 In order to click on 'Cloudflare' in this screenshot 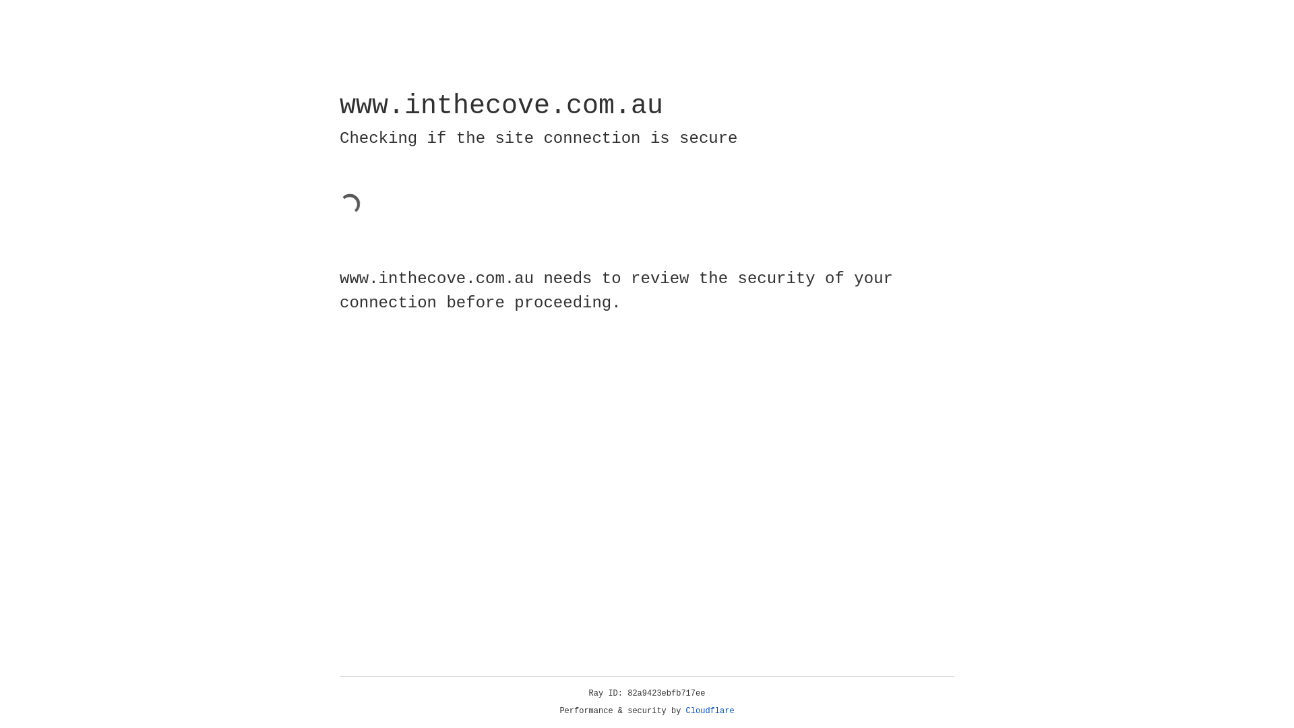, I will do `click(710, 710)`.